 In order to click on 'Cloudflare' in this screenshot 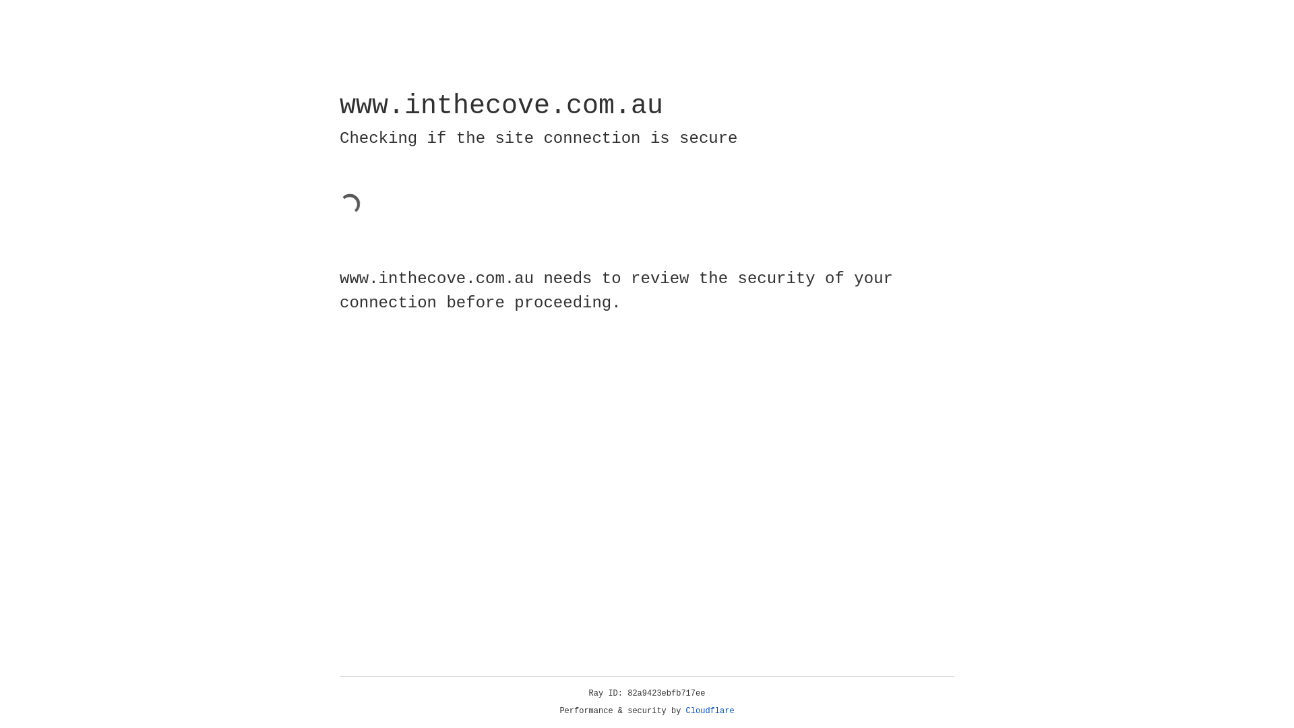, I will do `click(710, 710)`.